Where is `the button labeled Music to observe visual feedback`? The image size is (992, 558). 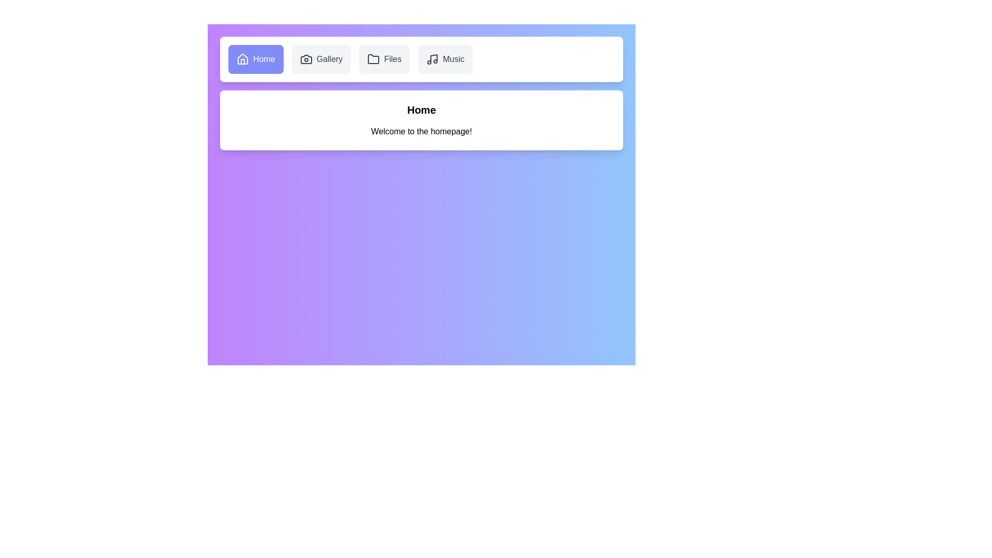 the button labeled Music to observe visual feedback is located at coordinates (445, 59).